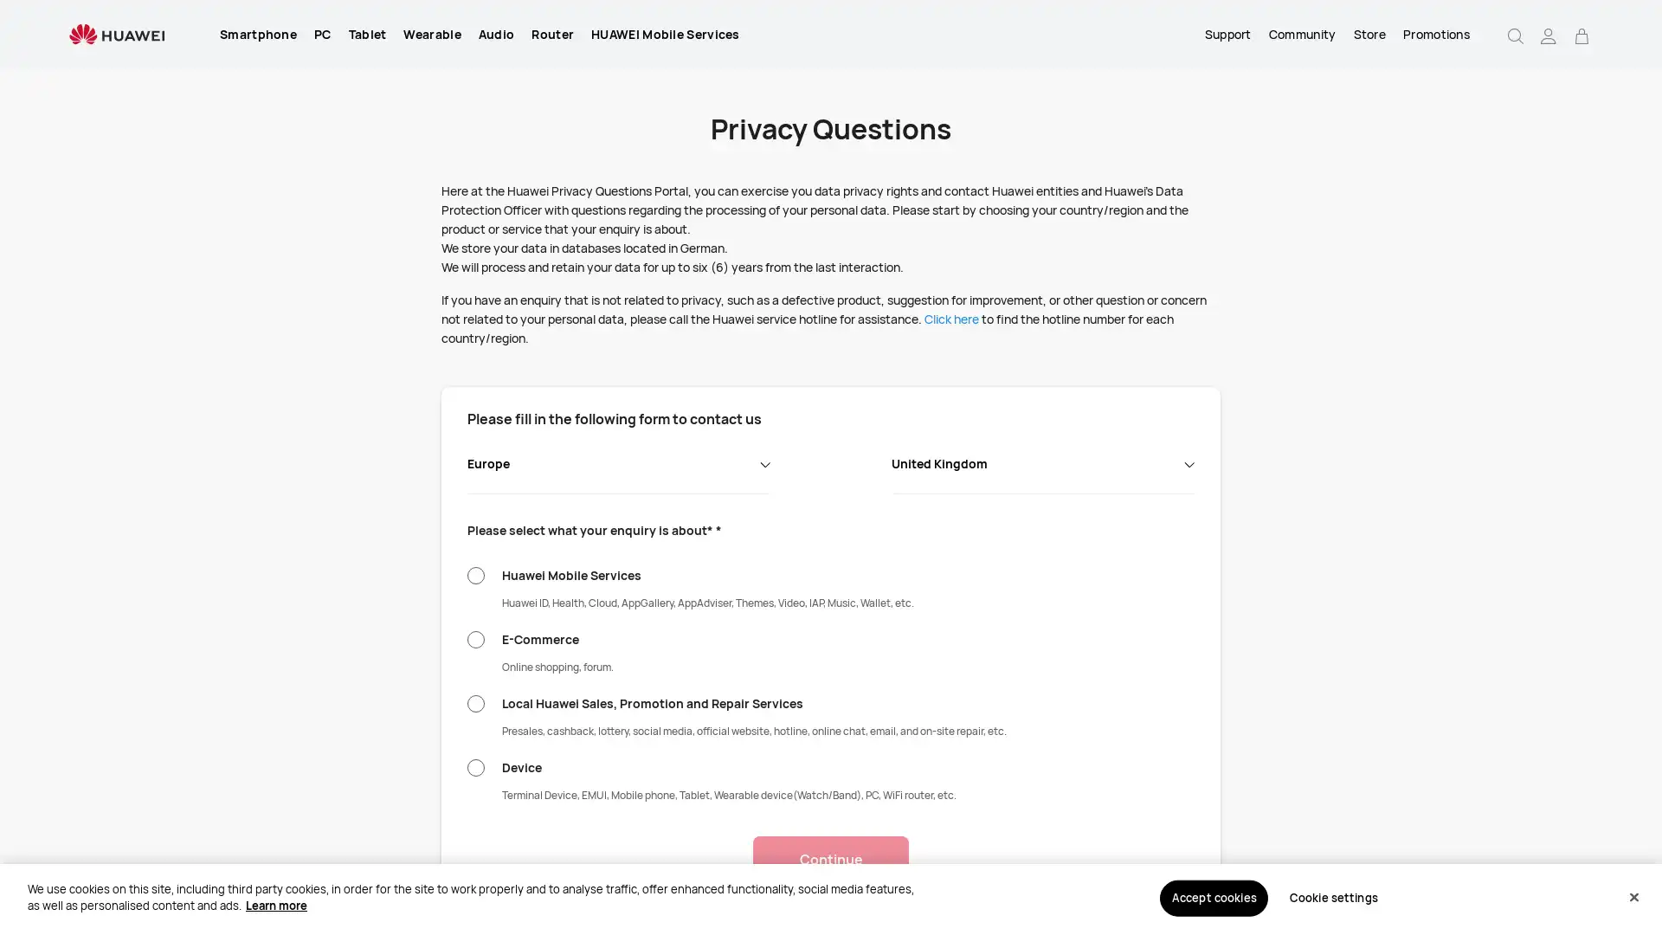 The width and height of the screenshot is (1662, 935). I want to click on Close, so click(1633, 896).